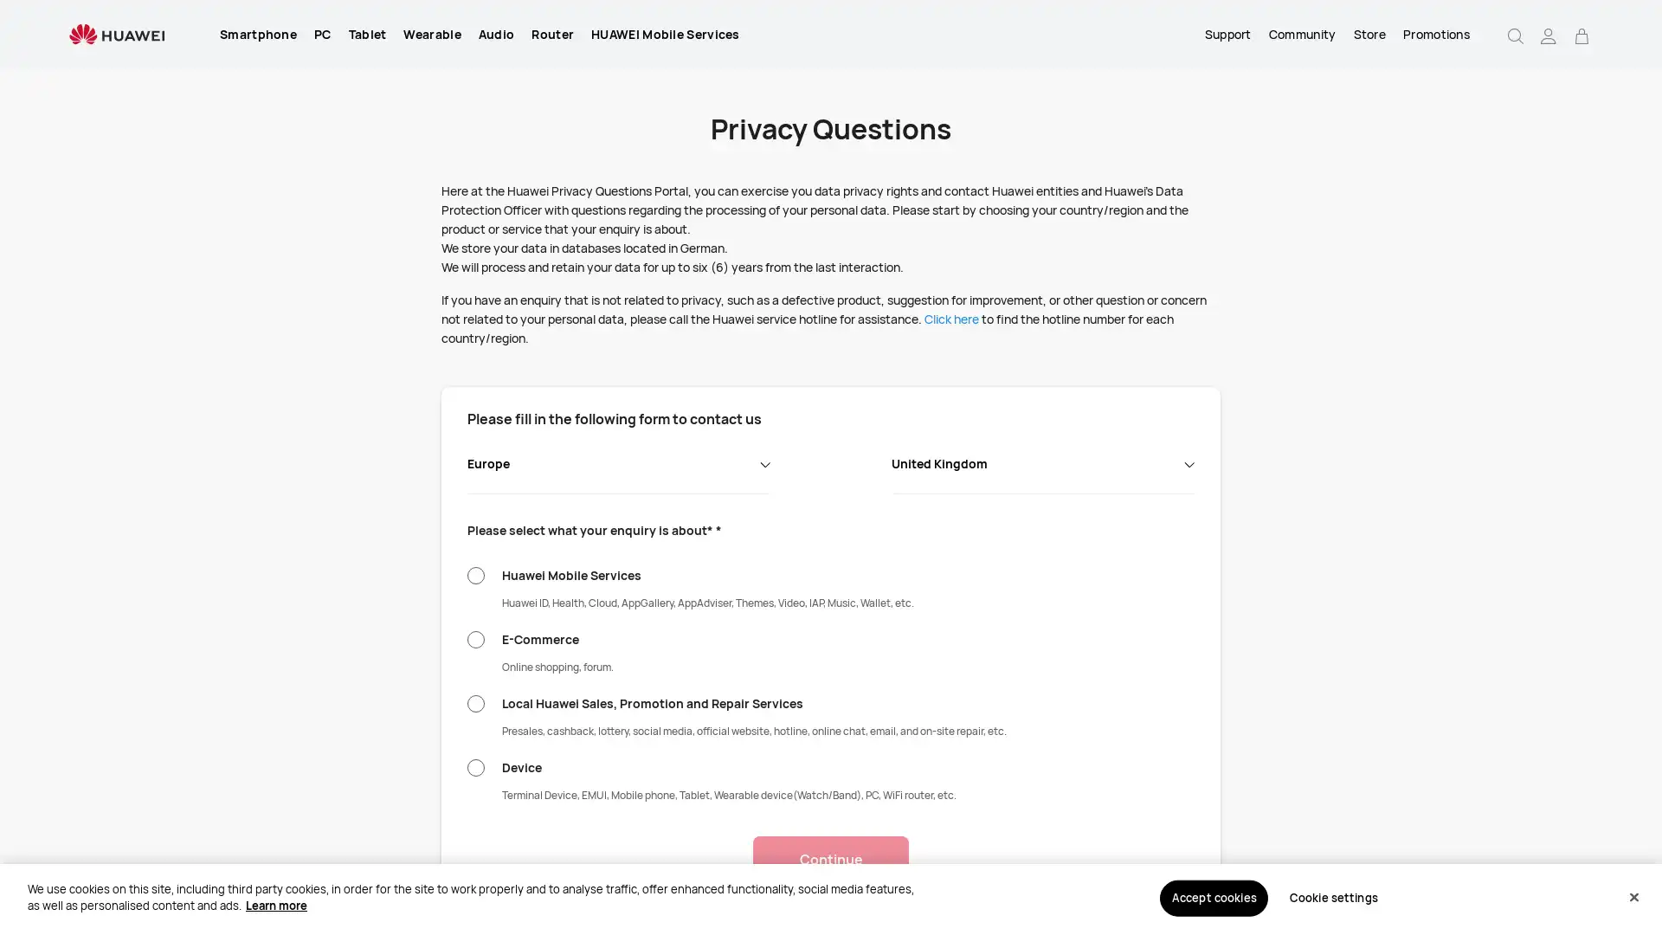 The width and height of the screenshot is (1662, 935). I want to click on Close, so click(1633, 896).